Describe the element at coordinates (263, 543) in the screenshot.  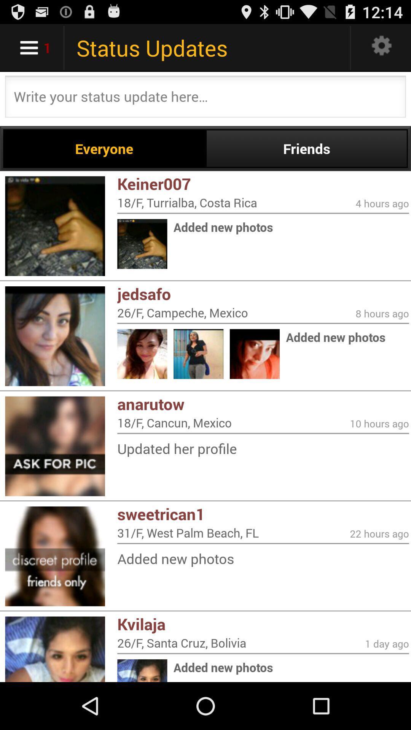
I see `icon above the added new photos item` at that location.